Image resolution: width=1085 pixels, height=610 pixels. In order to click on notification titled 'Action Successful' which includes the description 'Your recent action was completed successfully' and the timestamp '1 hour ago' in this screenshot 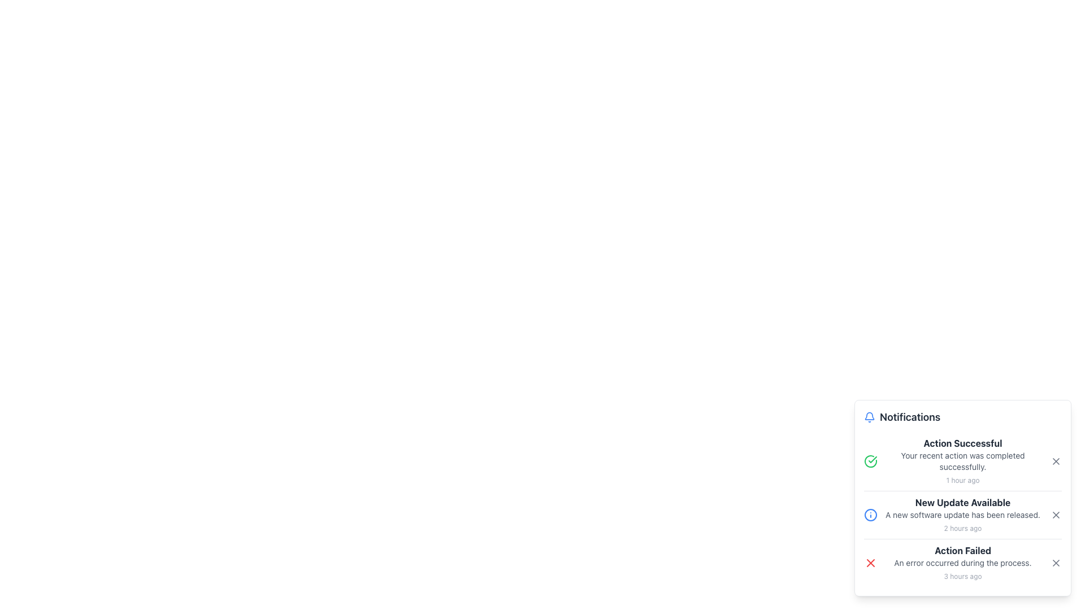, I will do `click(962, 461)`.